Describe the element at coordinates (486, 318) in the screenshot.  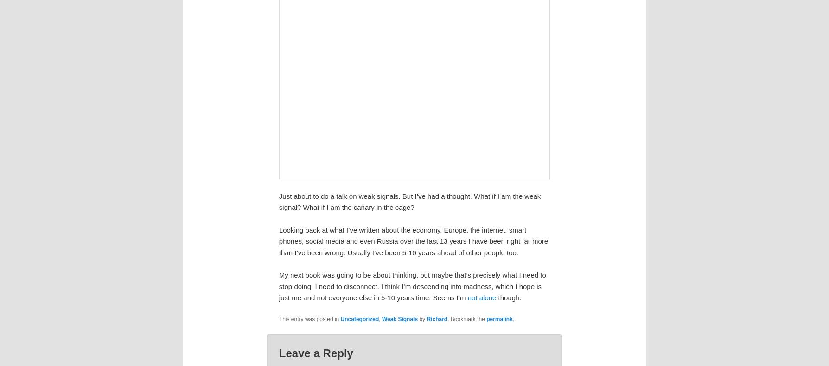
I see `'permalink'` at that location.